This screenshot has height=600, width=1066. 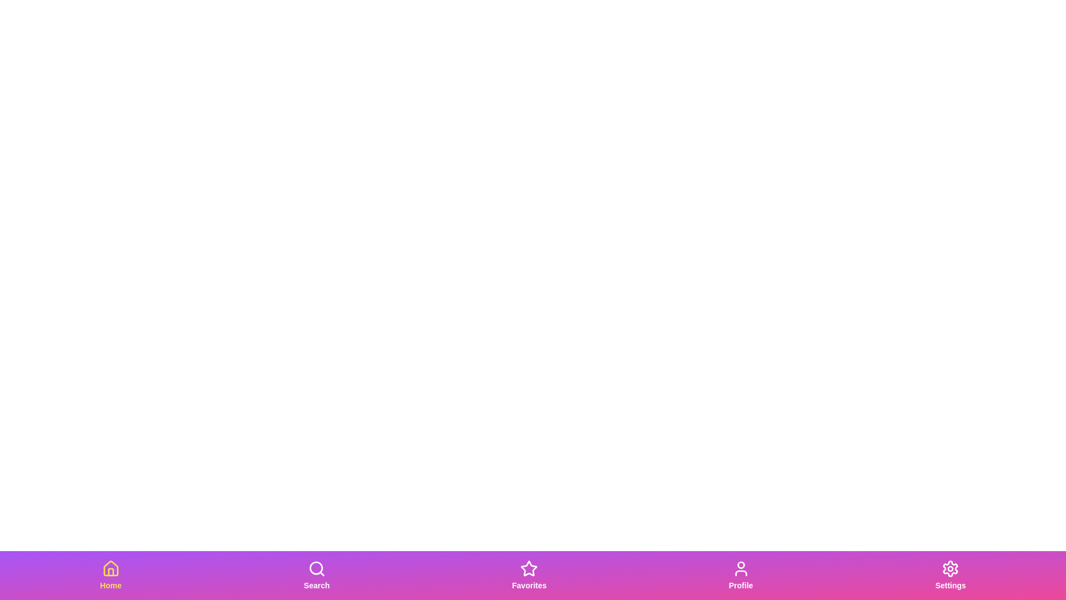 What do you see at coordinates (316, 575) in the screenshot?
I see `the Search tab to observe the visual feedback` at bounding box center [316, 575].